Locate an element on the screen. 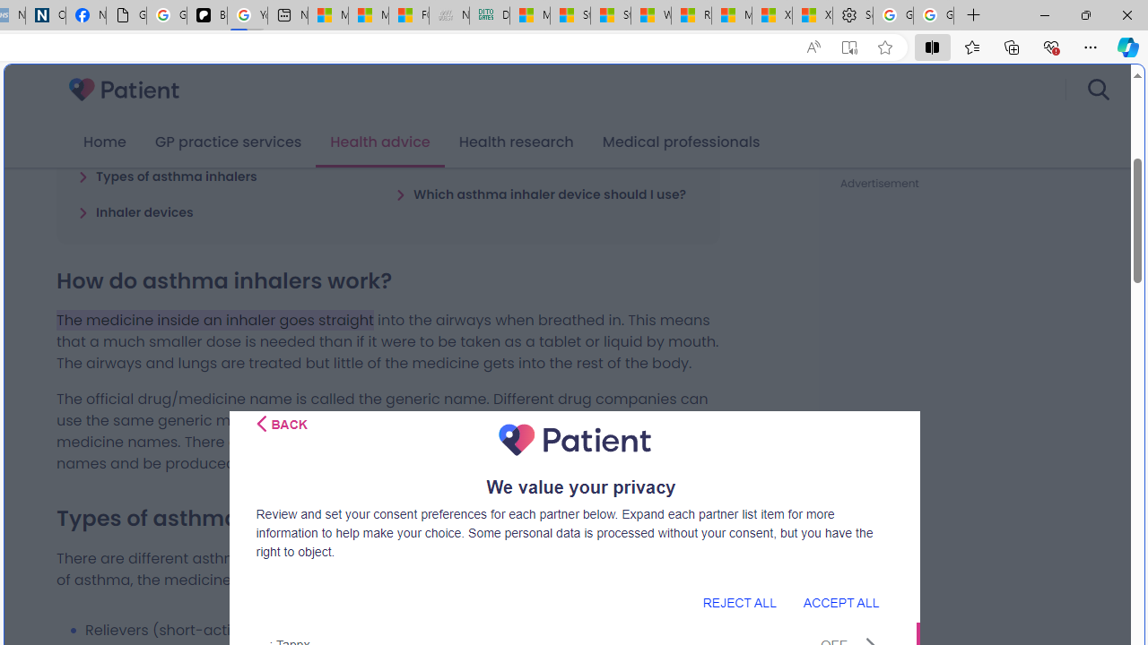 The image size is (1148, 645). 'Which asthma inhaler device should I use?' is located at coordinates (540, 194).